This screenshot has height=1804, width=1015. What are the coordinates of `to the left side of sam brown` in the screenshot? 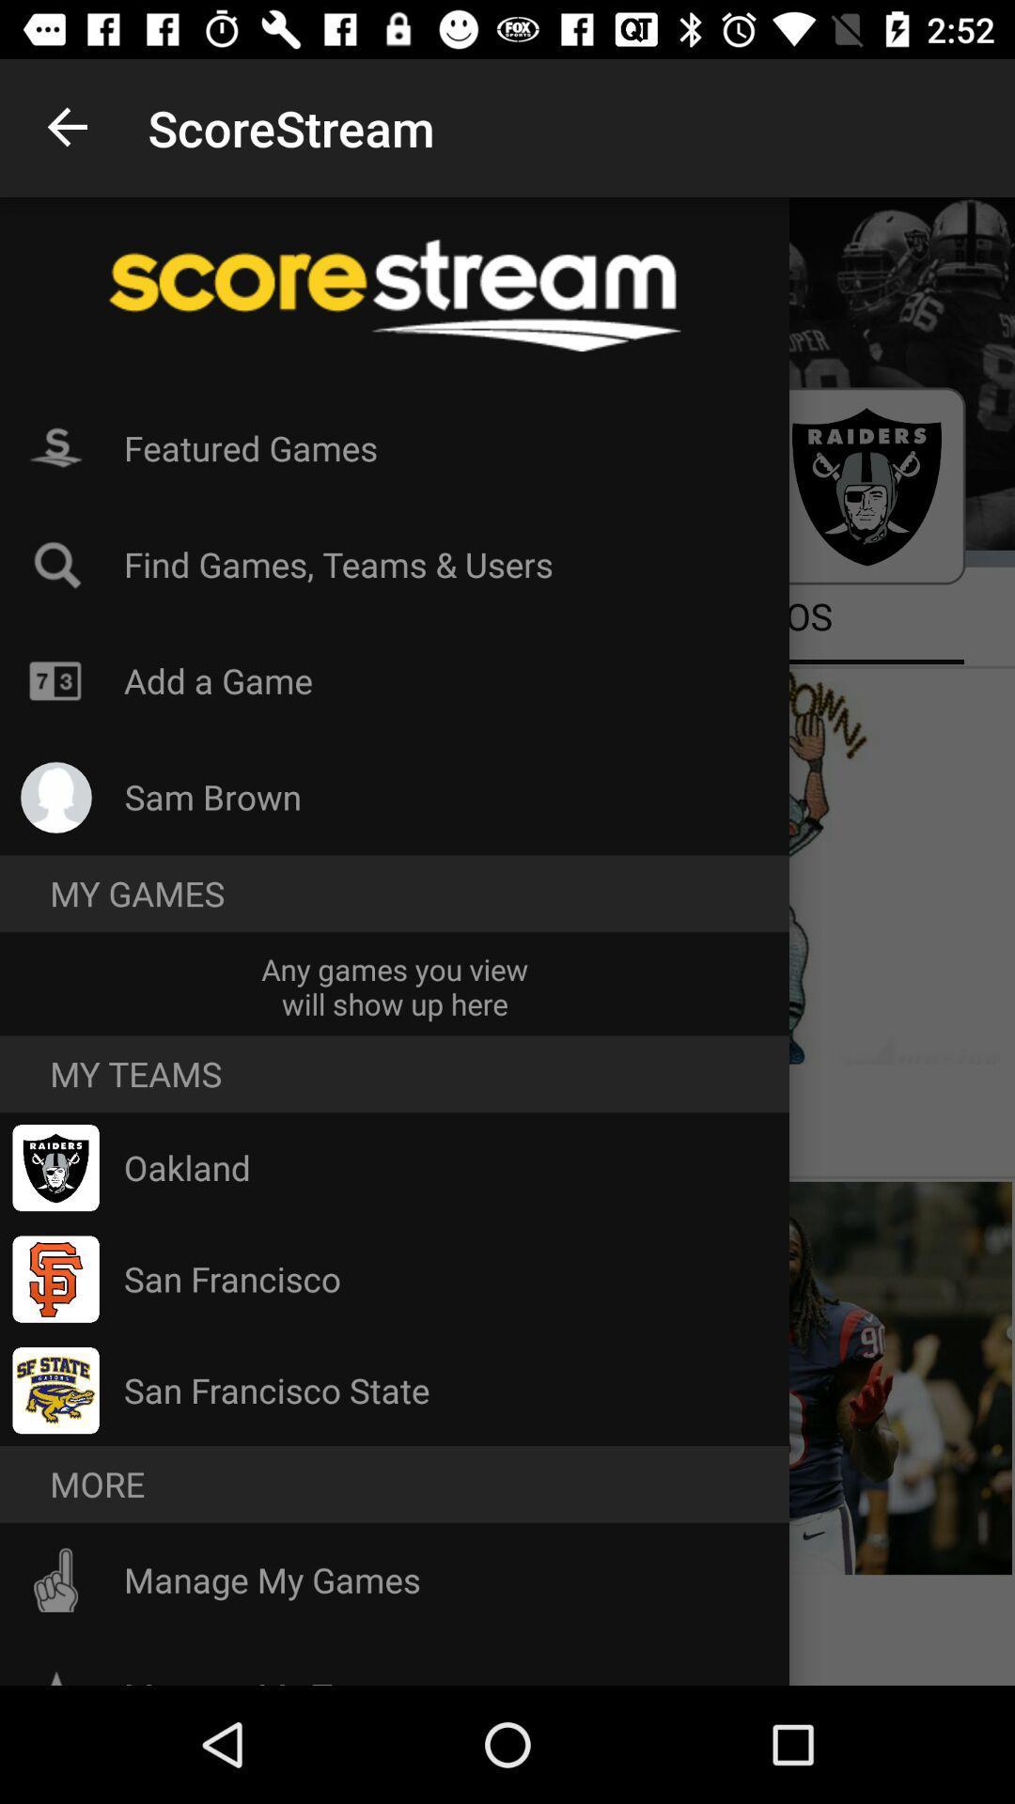 It's located at (55, 798).